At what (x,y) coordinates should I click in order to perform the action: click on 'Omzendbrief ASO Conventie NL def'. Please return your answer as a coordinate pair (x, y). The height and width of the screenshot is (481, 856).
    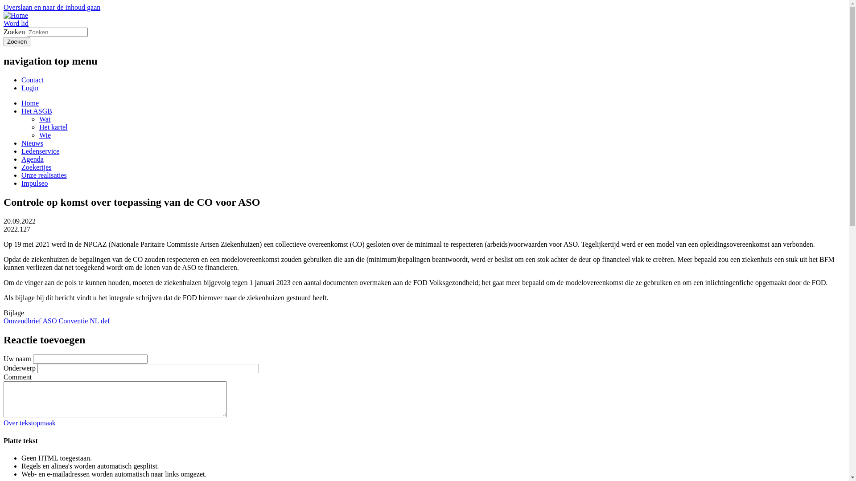
    Looking at the image, I should click on (4, 321).